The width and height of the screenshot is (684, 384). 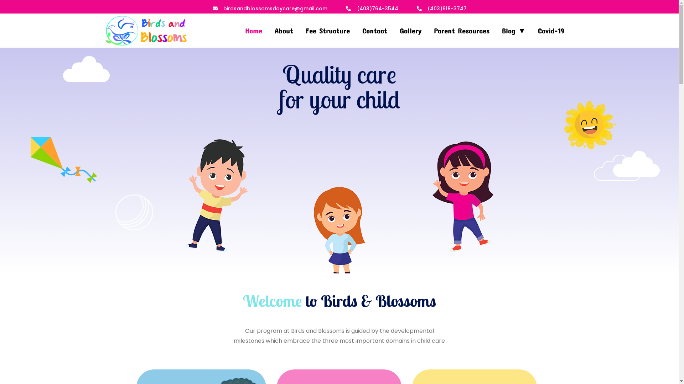 What do you see at coordinates (327, 28) in the screenshot?
I see `'Fee Structure'` at bounding box center [327, 28].